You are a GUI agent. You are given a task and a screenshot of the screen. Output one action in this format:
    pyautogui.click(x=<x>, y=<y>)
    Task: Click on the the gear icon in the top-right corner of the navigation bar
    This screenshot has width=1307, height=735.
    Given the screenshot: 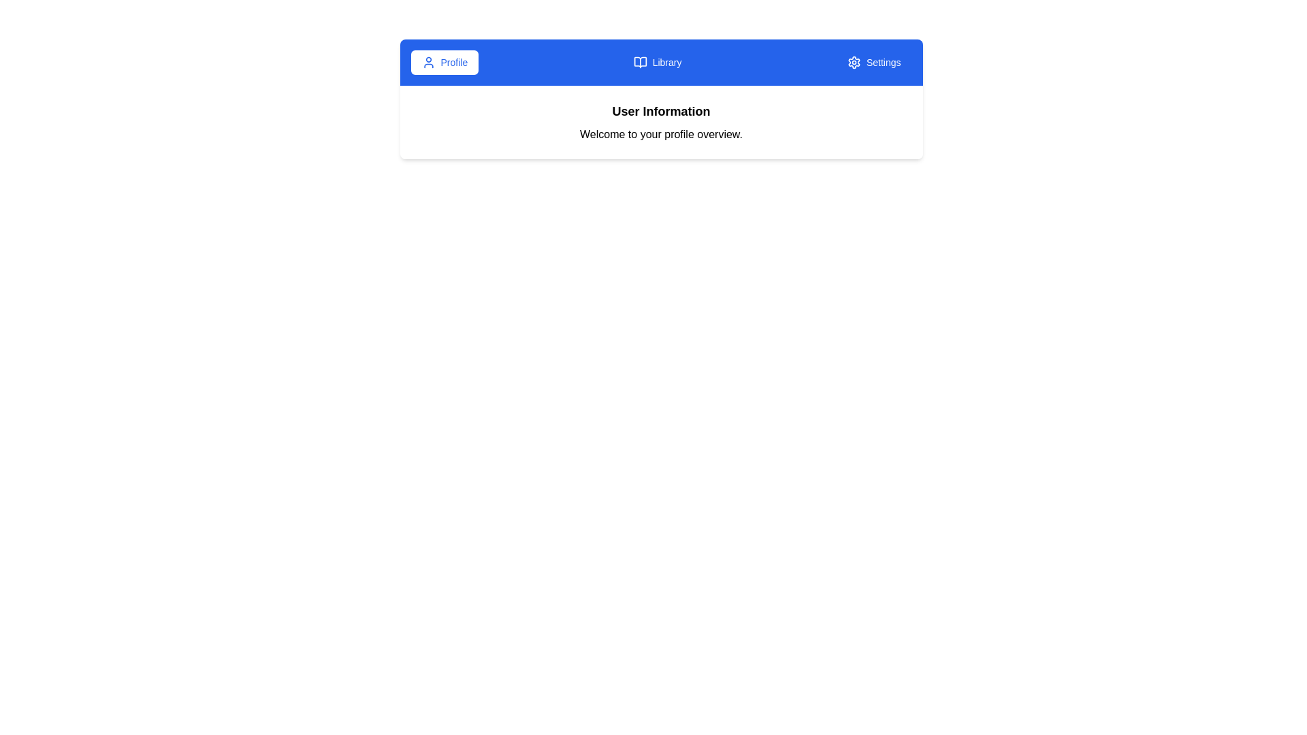 What is the action you would take?
    pyautogui.click(x=853, y=63)
    